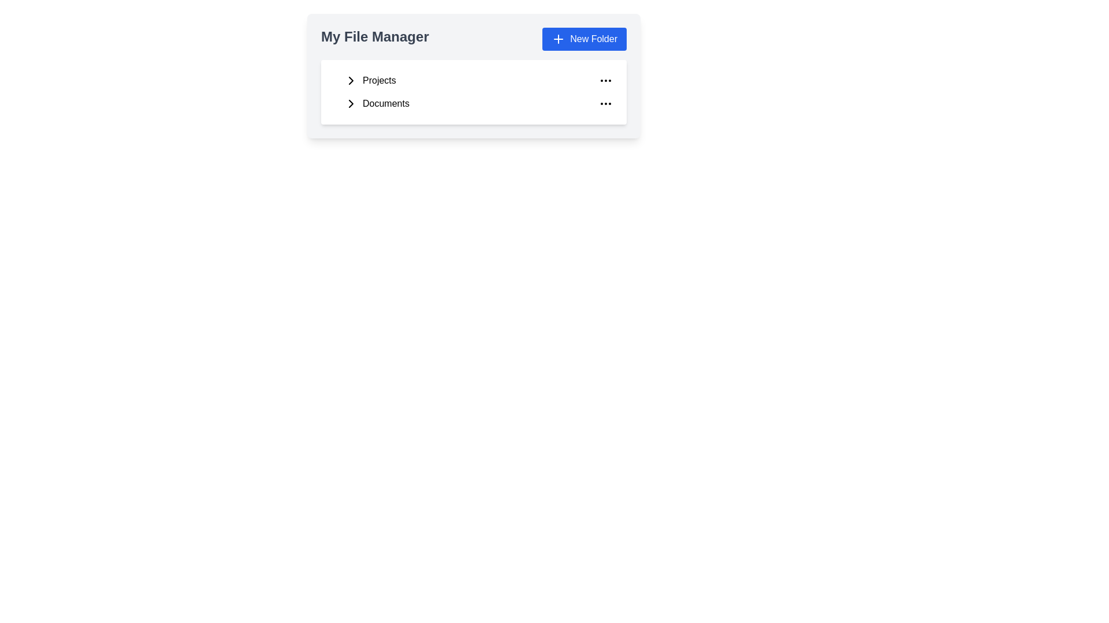  Describe the element at coordinates (478, 104) in the screenshot. I see `the 'Documents' folder entry in the 'My File Manager' section` at that location.